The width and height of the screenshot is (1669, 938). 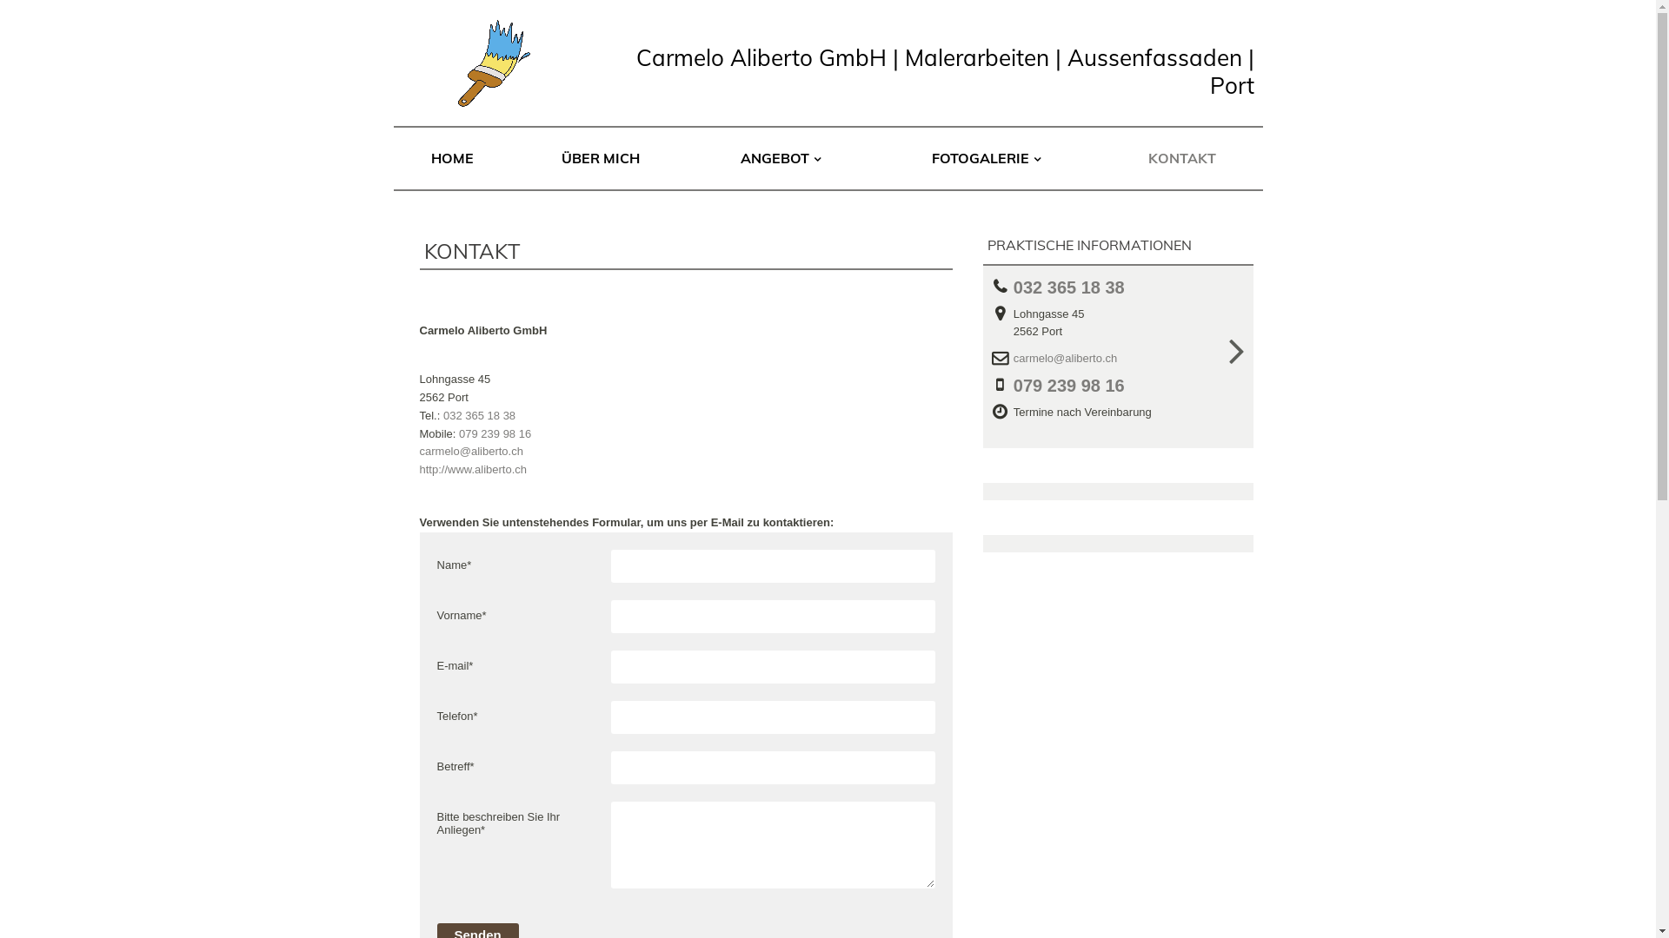 What do you see at coordinates (451, 158) in the screenshot?
I see `'HOME'` at bounding box center [451, 158].